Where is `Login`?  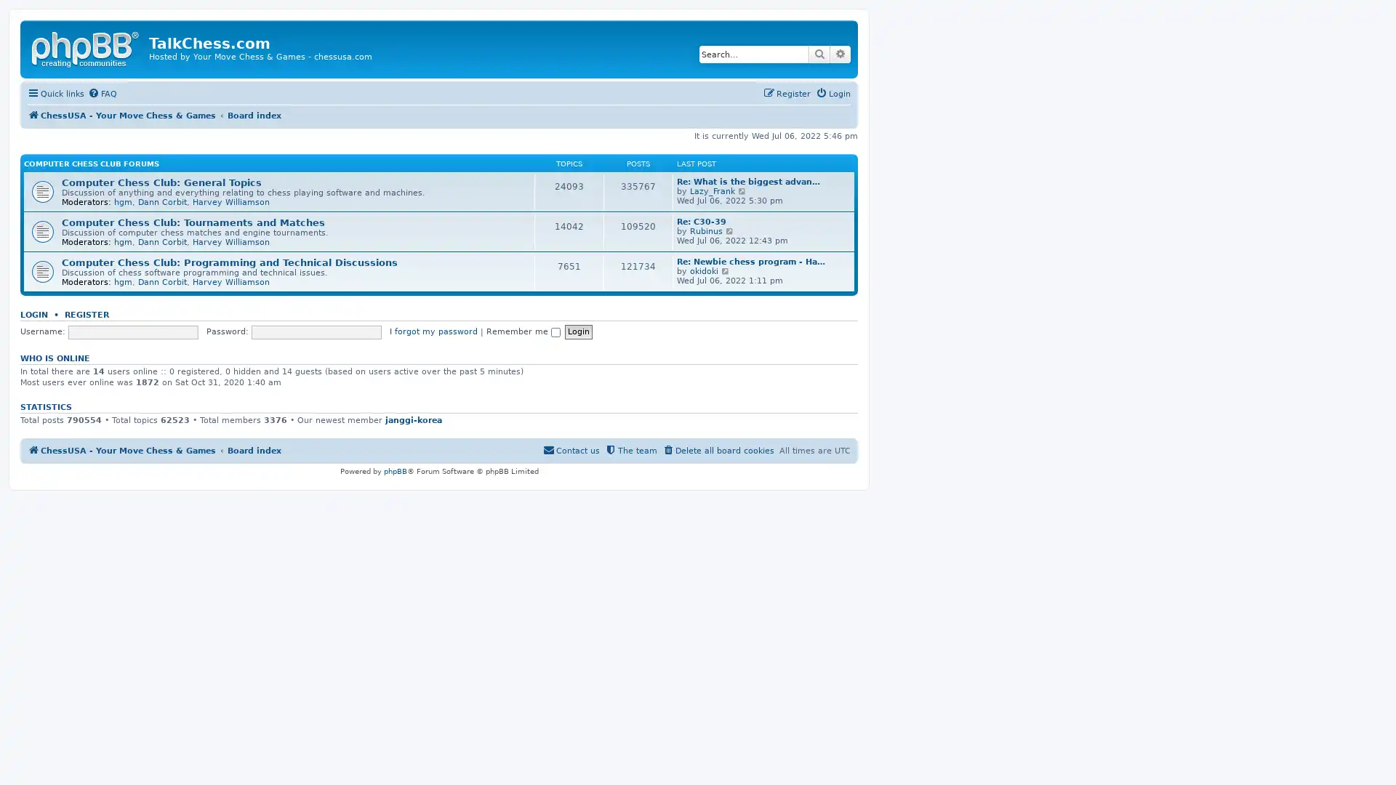
Login is located at coordinates (577, 331).